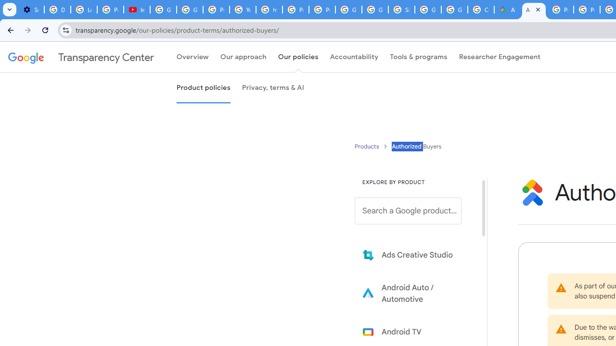  I want to click on 'Create your Google Account', so click(481, 10).